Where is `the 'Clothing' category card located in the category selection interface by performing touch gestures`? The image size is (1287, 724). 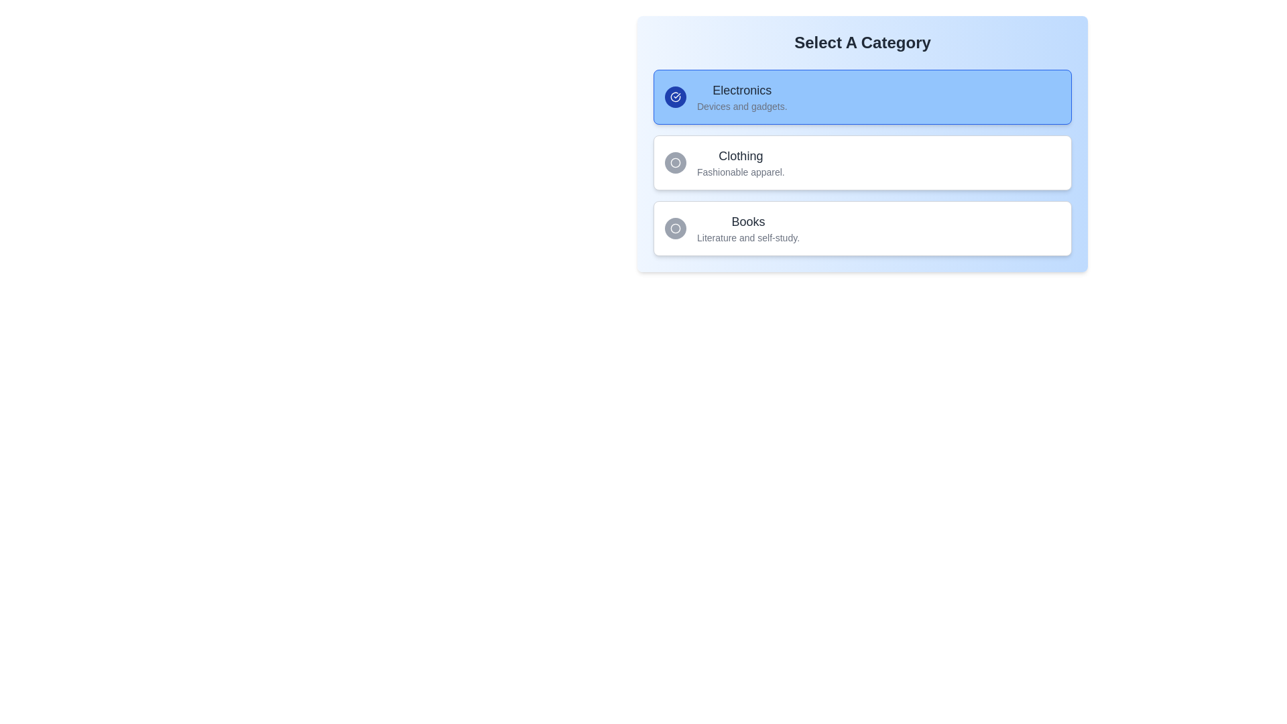 the 'Clothing' category card located in the category selection interface by performing touch gestures is located at coordinates (862, 162).